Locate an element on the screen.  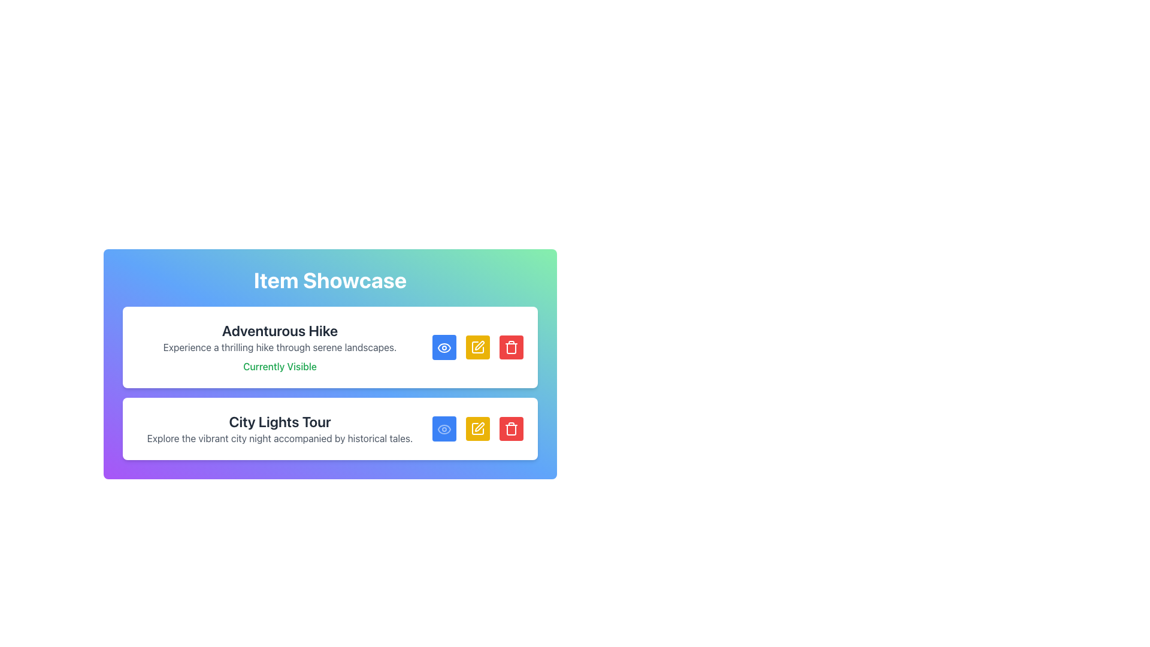
the delete icon button located on the right side of the 'City Lights Tour' item, which is the fourth icon in the sequence is located at coordinates (512, 347).